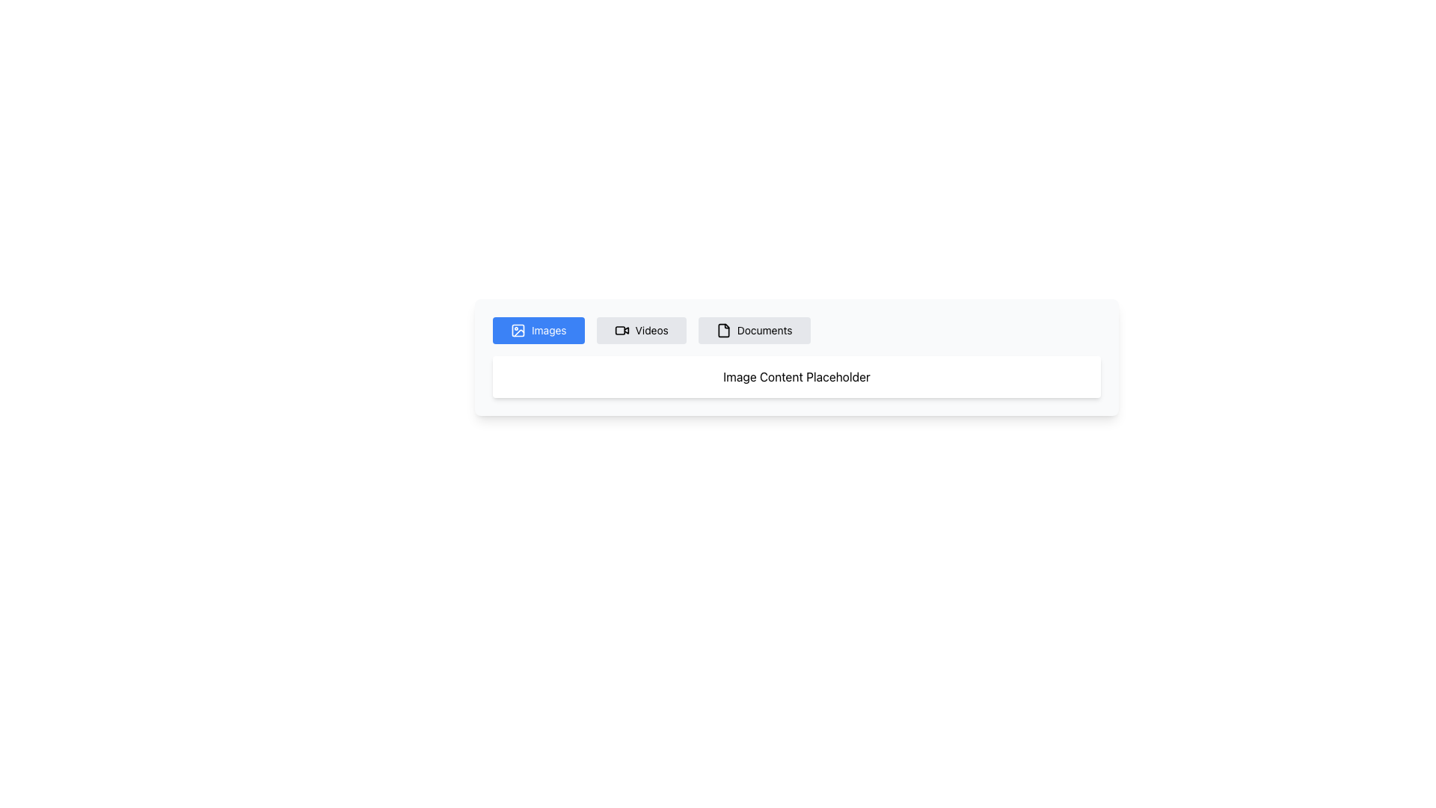  Describe the element at coordinates (764, 330) in the screenshot. I see `the Text Label that serves as an identifier for a clickable document-related option, located to the right of a document icon and aligned horizontally in a tab-like structure` at that location.